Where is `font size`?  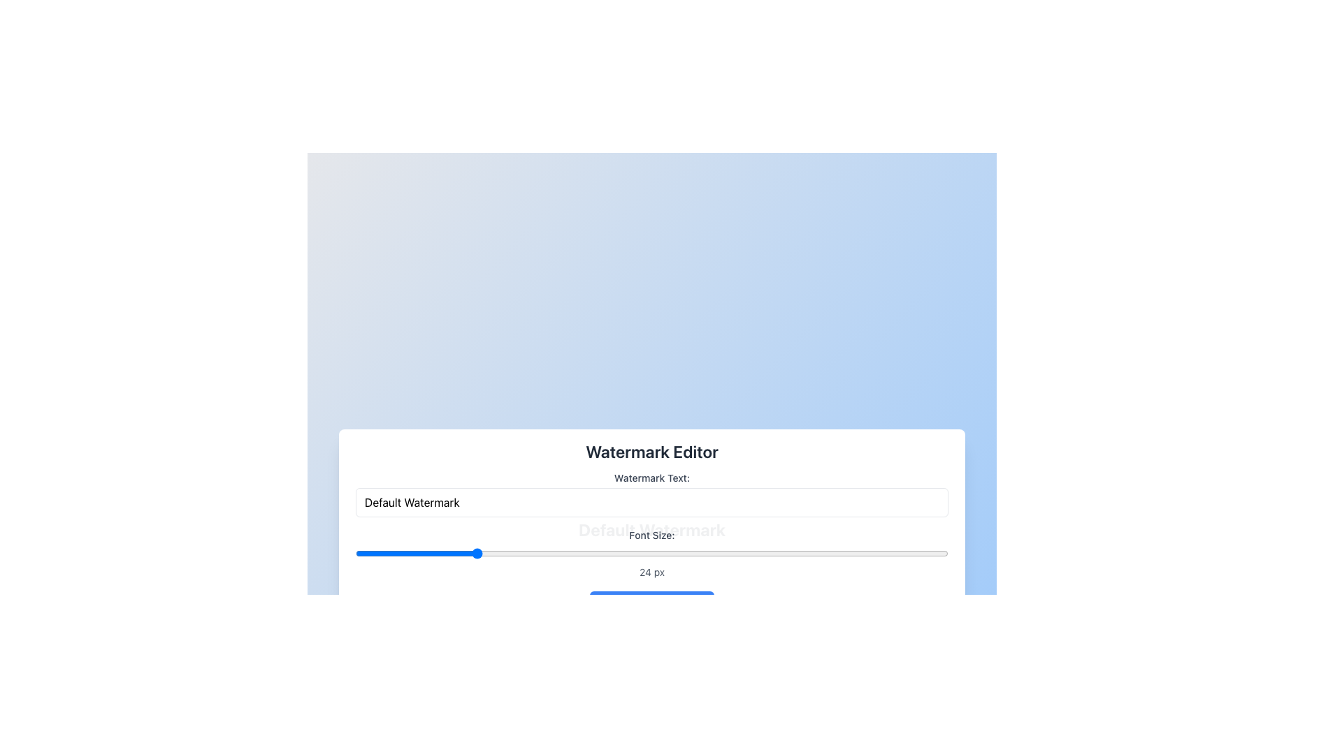
font size is located at coordinates (711, 553).